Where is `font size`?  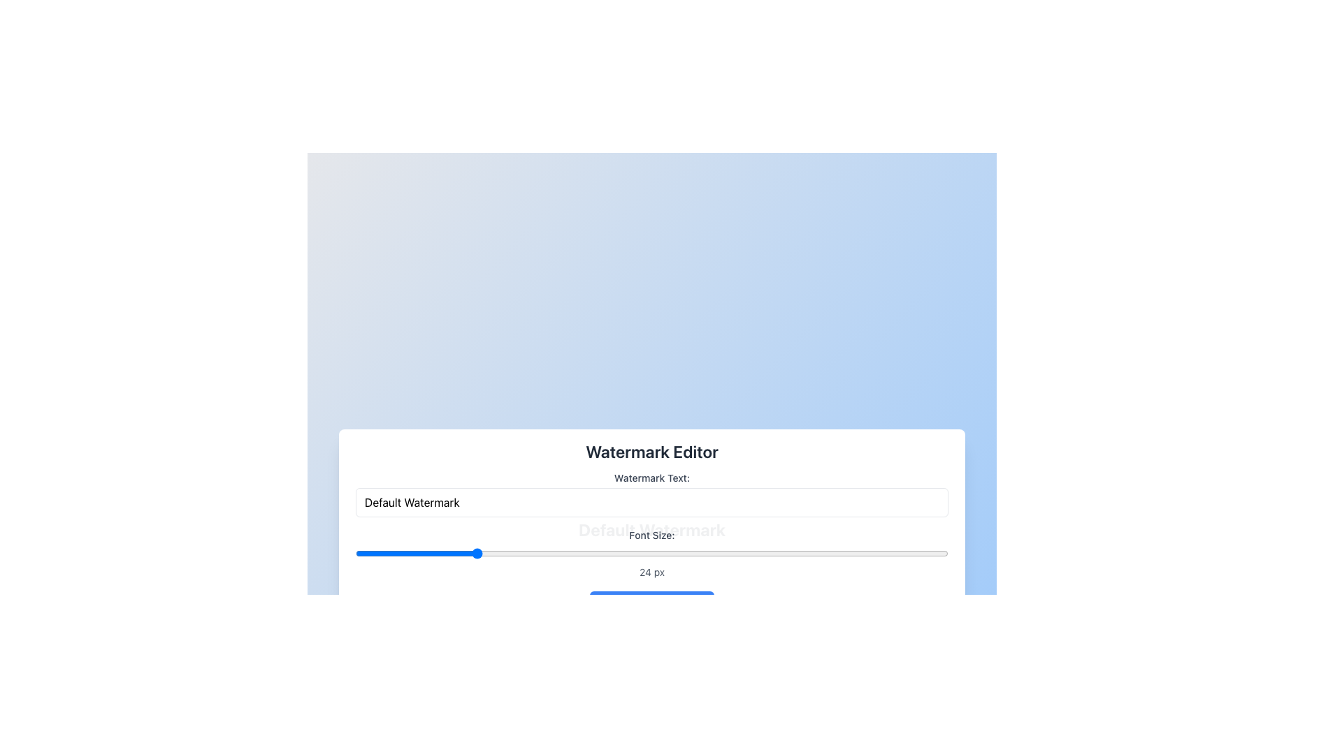
font size is located at coordinates (711, 553).